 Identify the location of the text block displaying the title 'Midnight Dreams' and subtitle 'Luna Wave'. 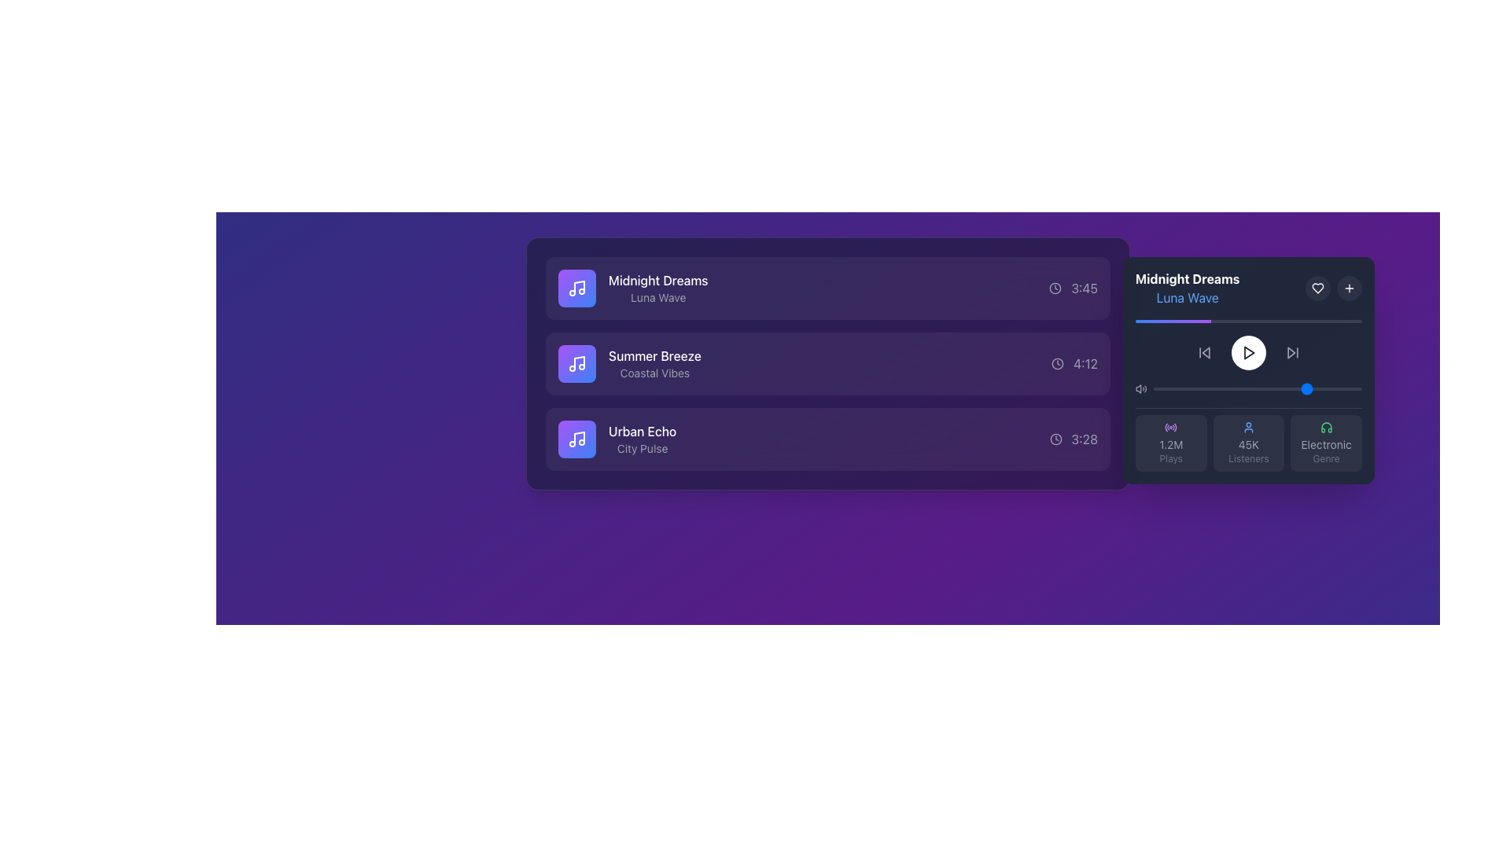
(1188, 288).